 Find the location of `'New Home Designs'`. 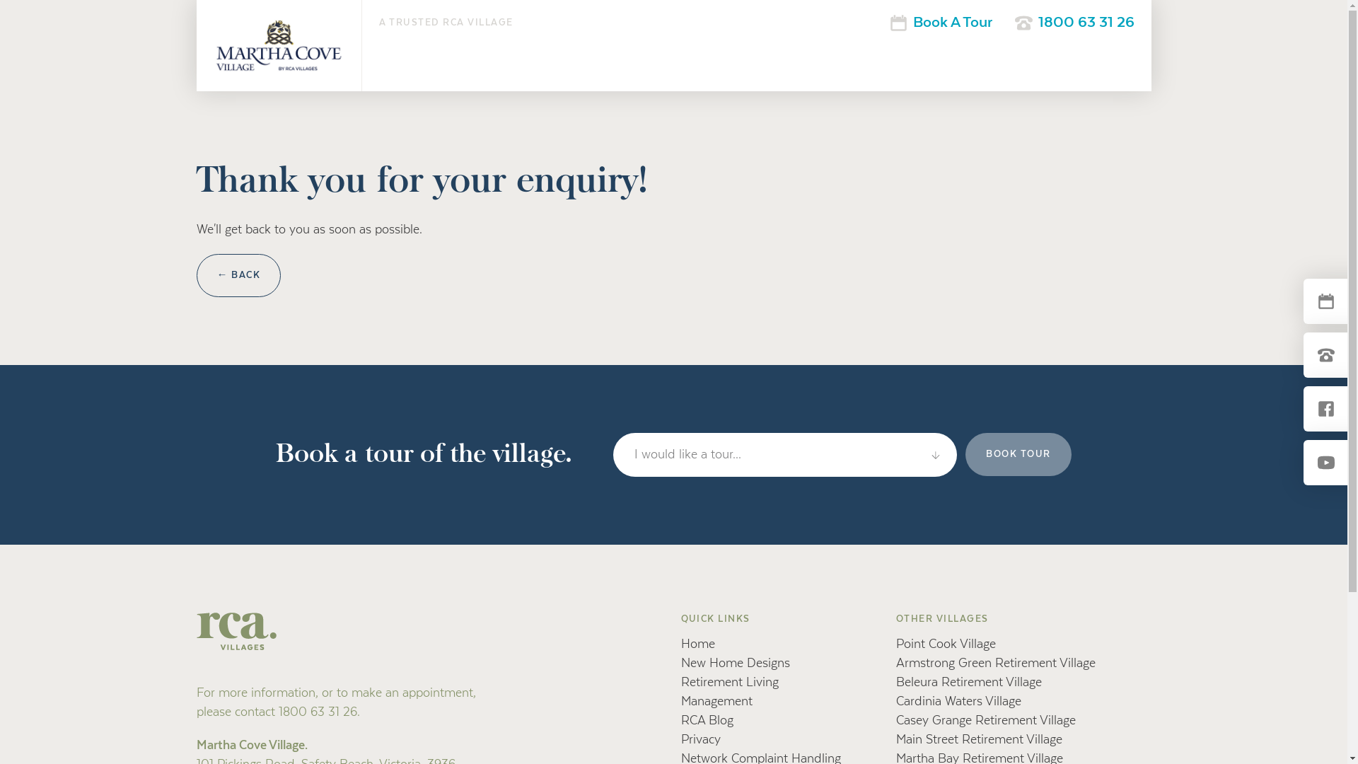

'New Home Designs' is located at coordinates (734, 663).